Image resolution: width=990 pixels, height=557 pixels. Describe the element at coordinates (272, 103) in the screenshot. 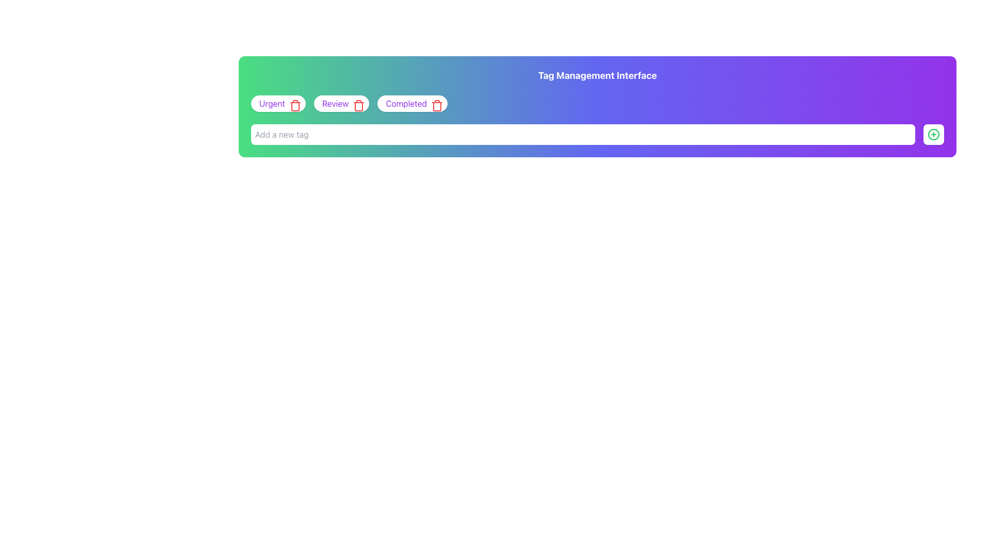

I see `the 'Urgent' text label, which is the first tag in a group of tags with a white background and rounded edges` at that location.